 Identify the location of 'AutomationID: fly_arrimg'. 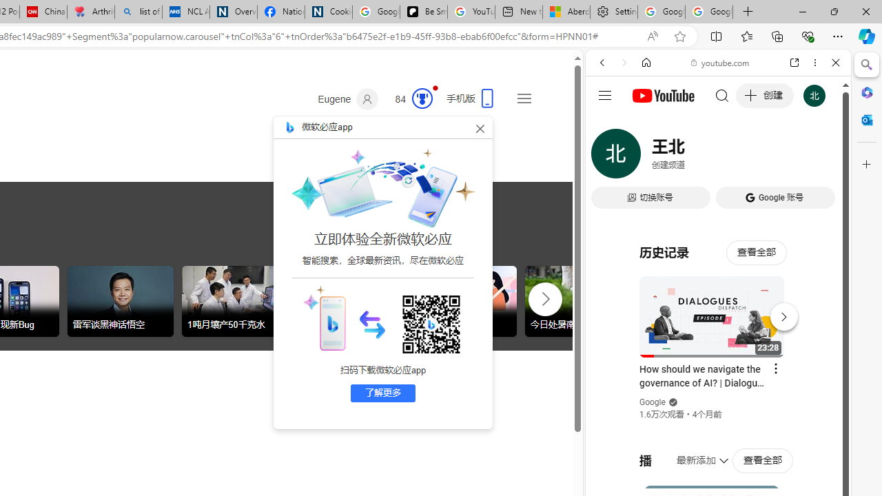
(372, 324).